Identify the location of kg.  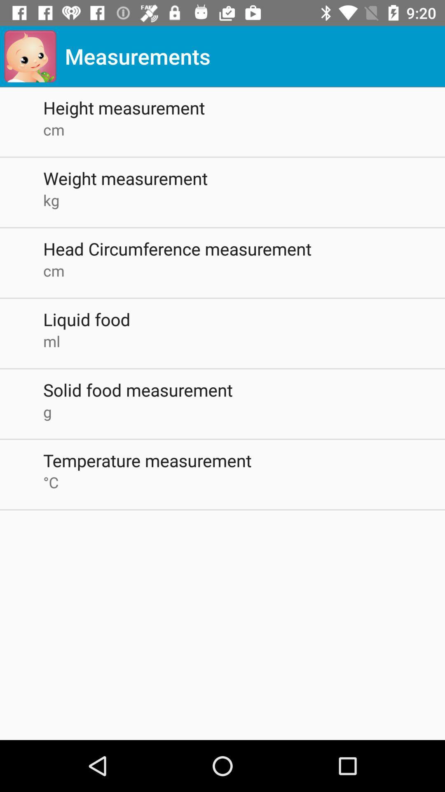
(244, 200).